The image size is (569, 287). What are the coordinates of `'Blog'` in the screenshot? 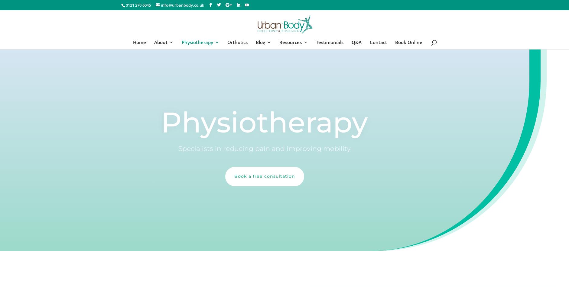 It's located at (260, 42).